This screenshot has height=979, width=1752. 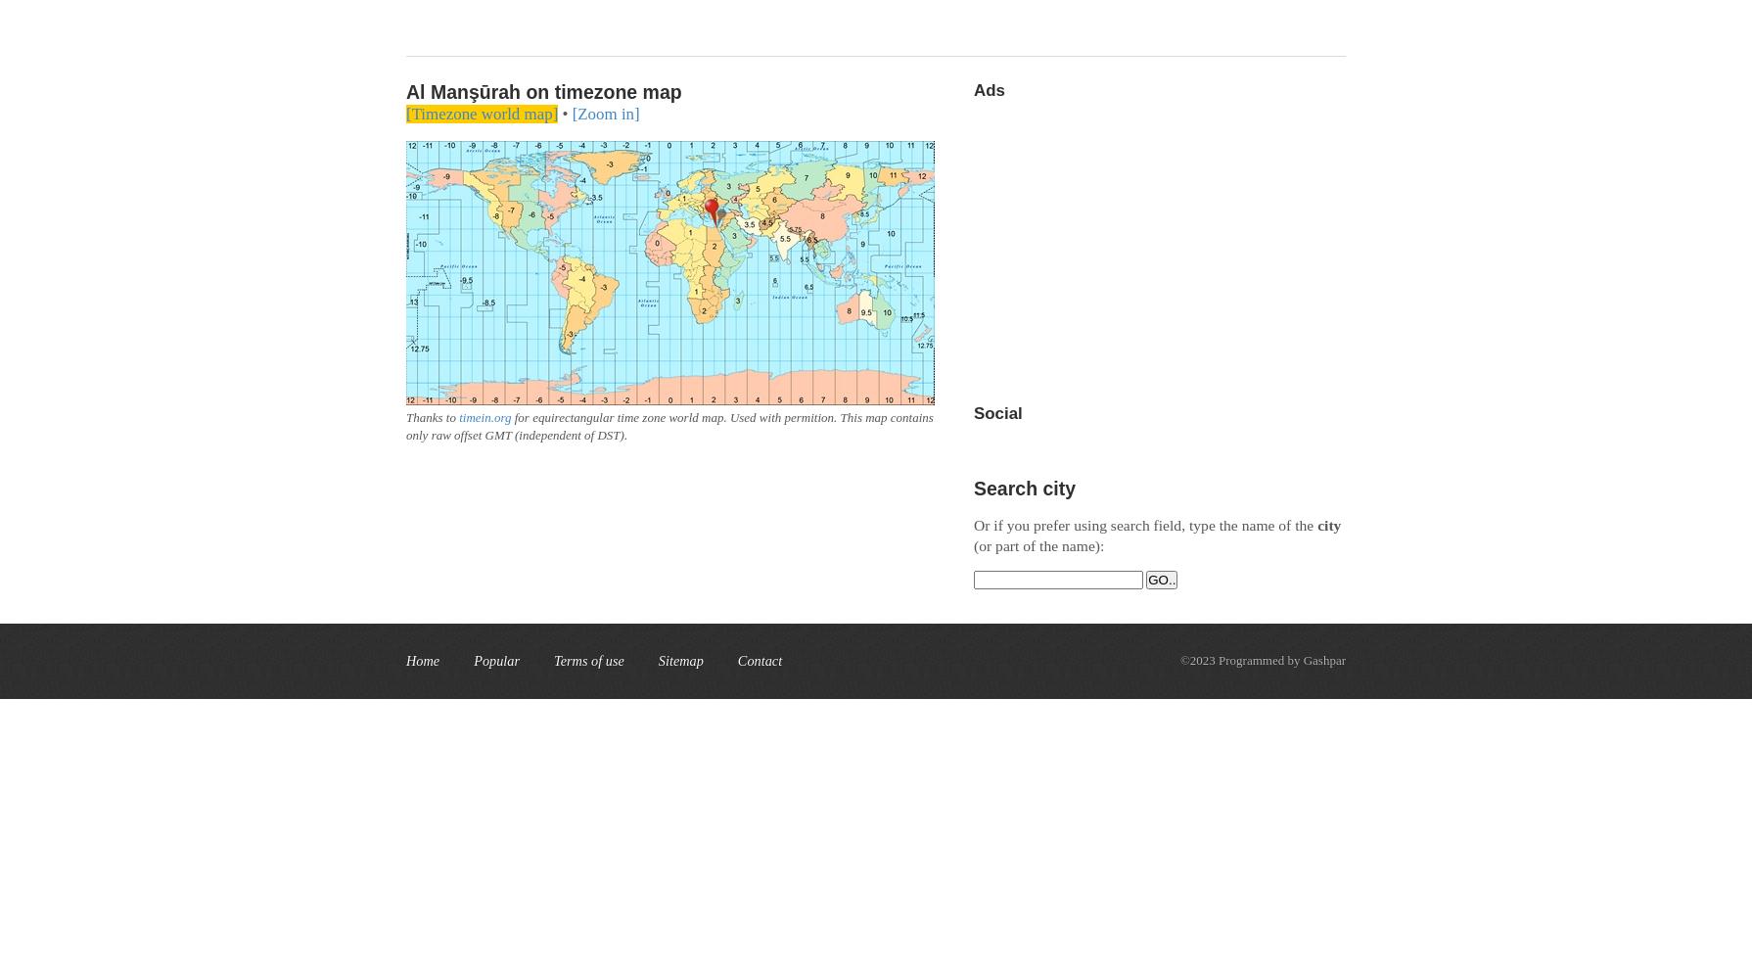 What do you see at coordinates (989, 89) in the screenshot?
I see `'Ads'` at bounding box center [989, 89].